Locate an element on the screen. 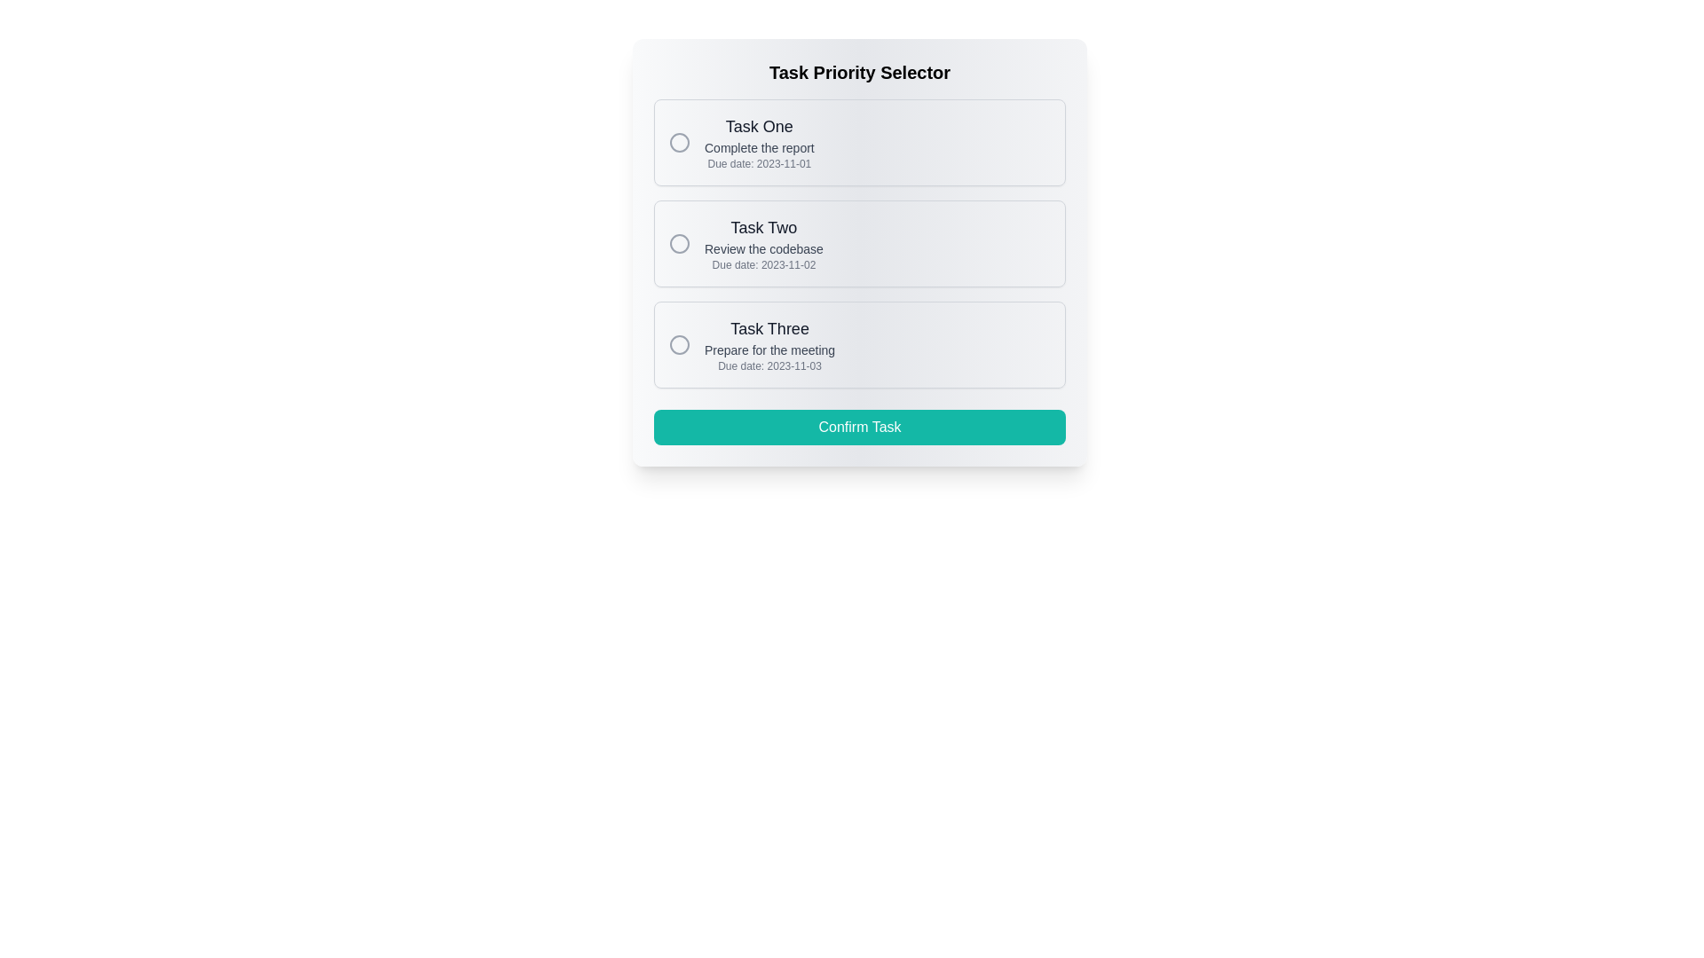 The width and height of the screenshot is (1704, 958). the circular radio button is located at coordinates (679, 243).